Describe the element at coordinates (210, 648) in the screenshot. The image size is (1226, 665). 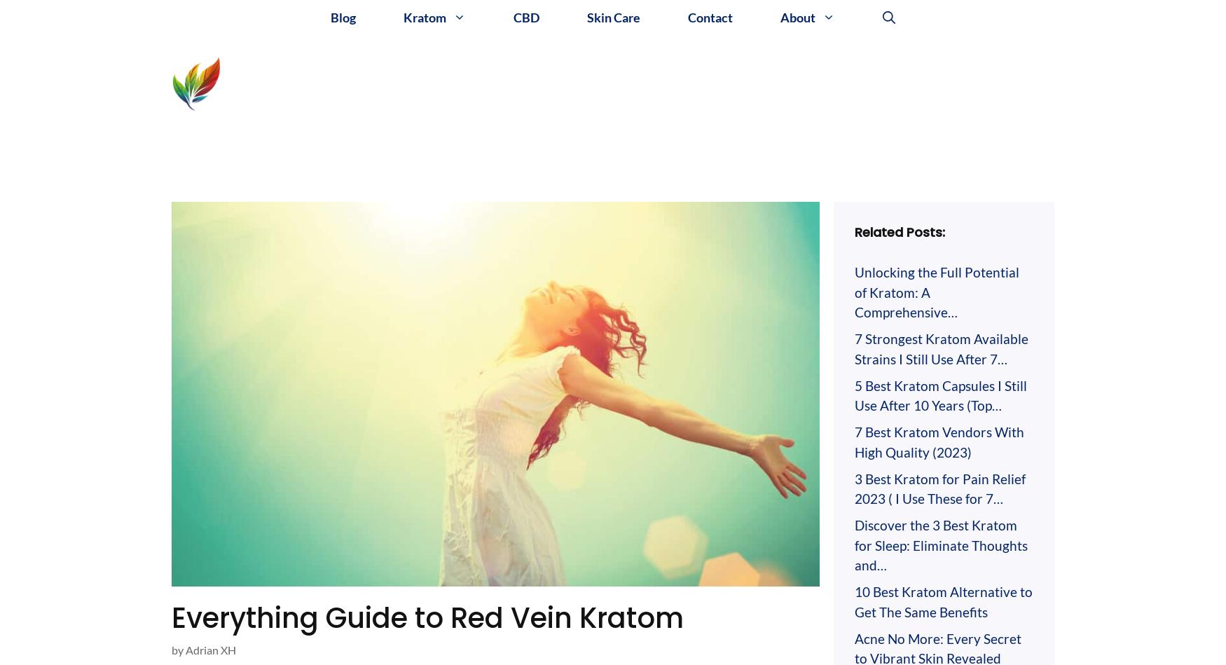
I see `'Adrian XH'` at that location.